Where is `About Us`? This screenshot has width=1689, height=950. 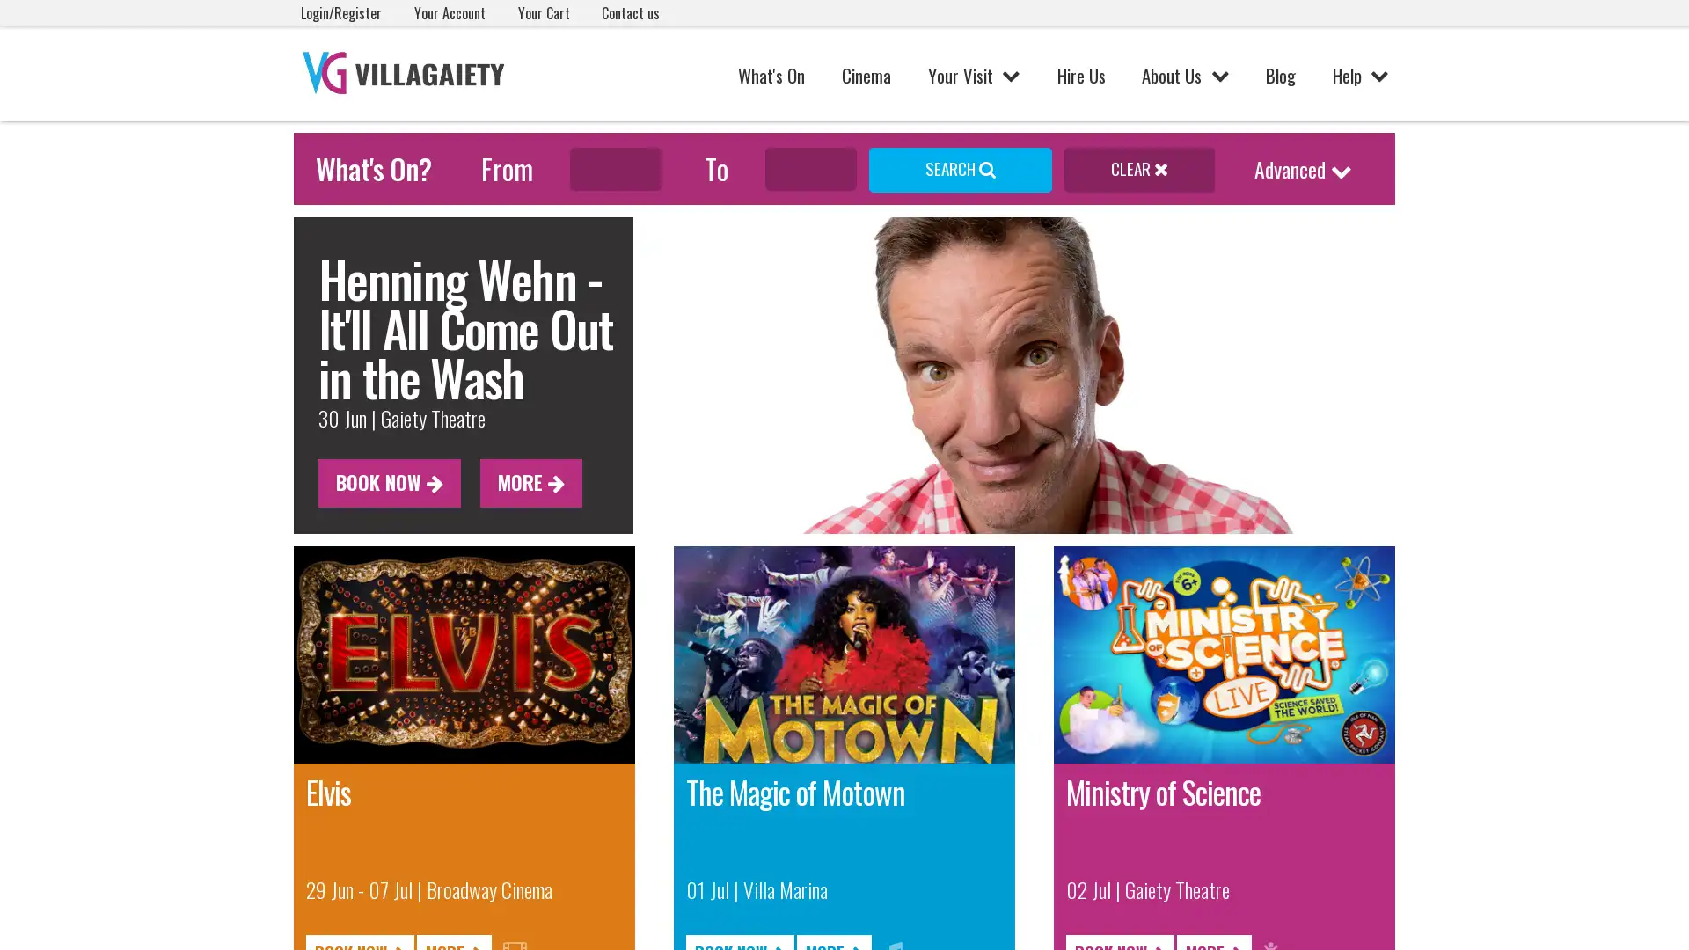
About Us is located at coordinates (1185, 74).